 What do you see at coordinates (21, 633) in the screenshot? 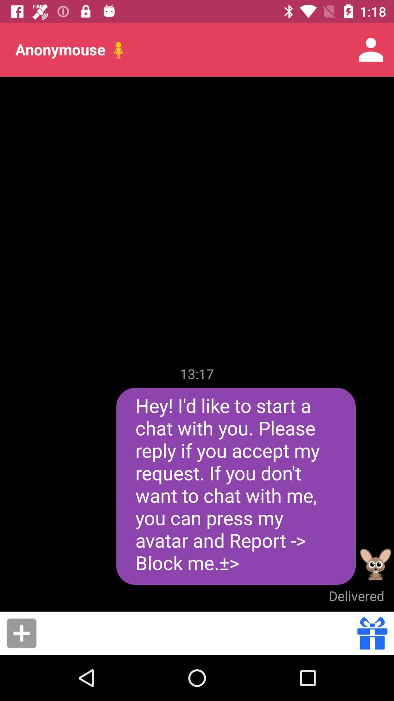
I see `click` at bounding box center [21, 633].